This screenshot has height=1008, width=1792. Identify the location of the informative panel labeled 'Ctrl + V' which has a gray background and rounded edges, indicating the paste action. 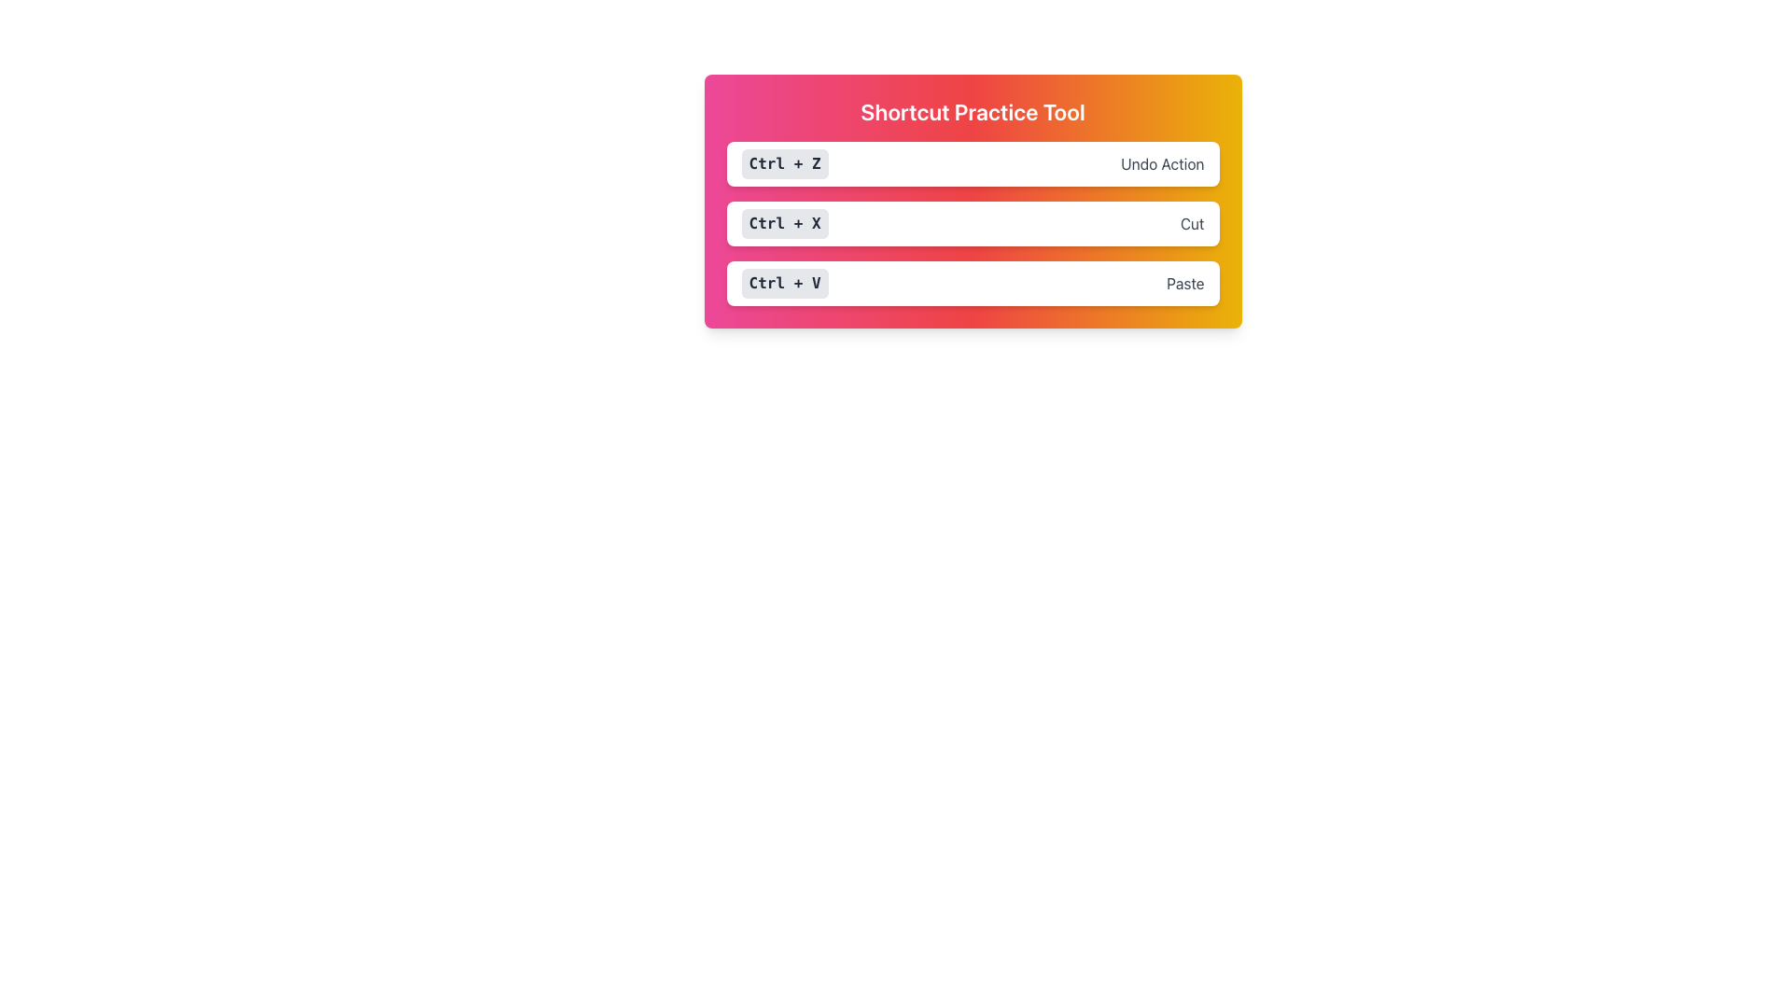
(972, 284).